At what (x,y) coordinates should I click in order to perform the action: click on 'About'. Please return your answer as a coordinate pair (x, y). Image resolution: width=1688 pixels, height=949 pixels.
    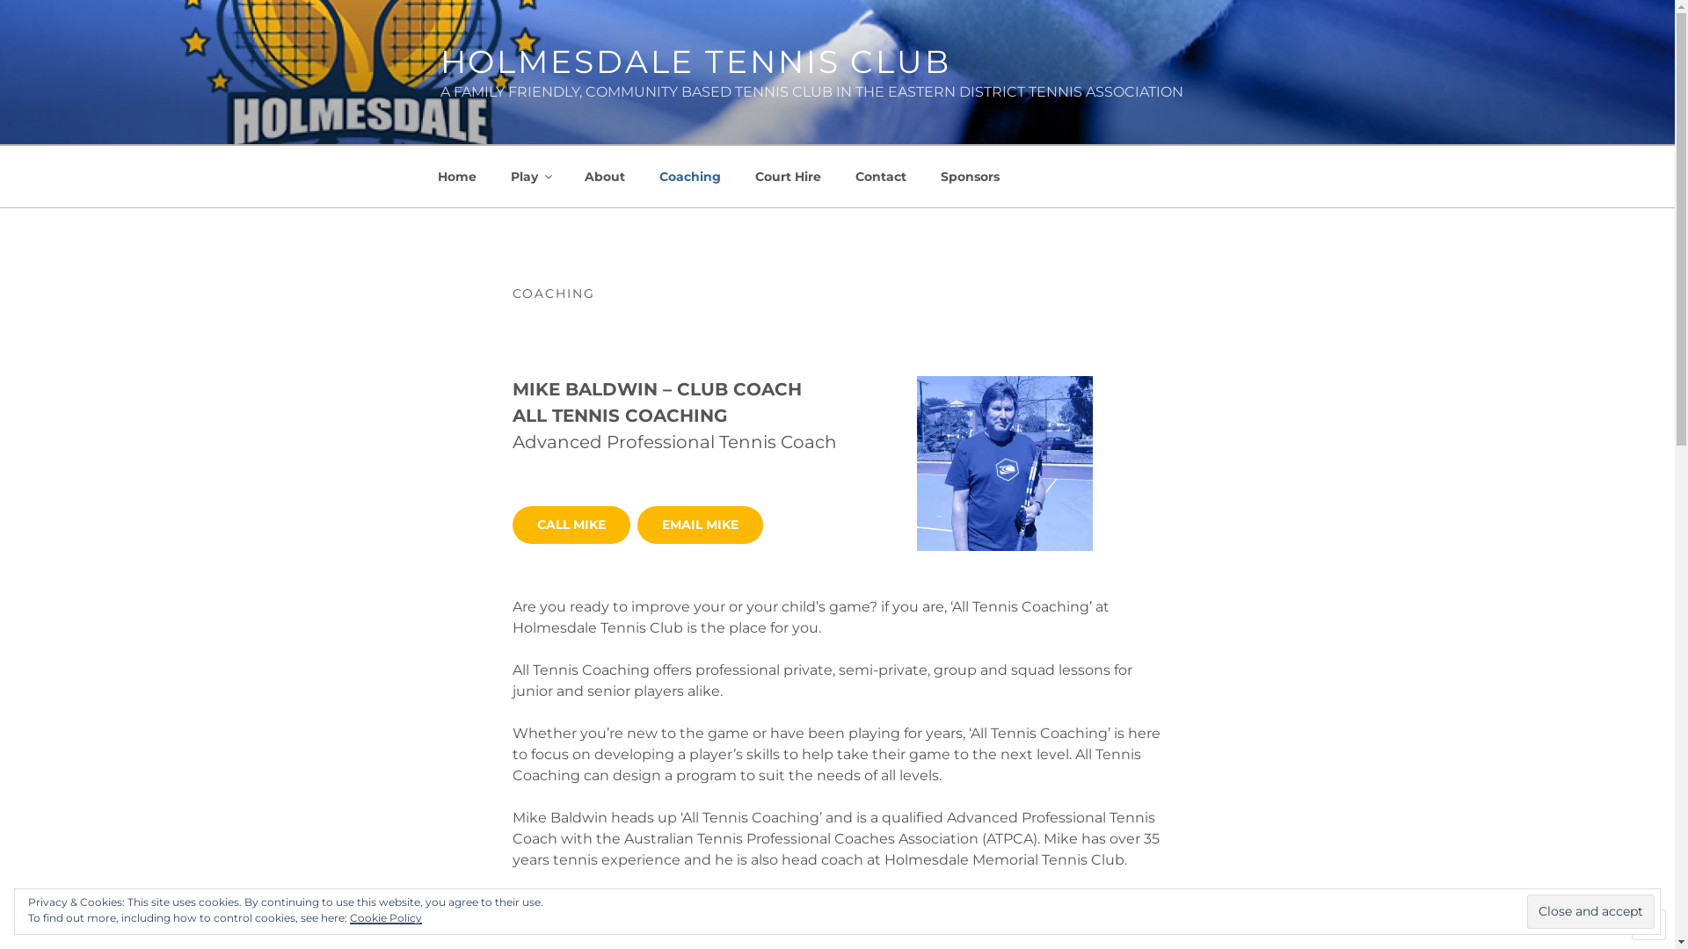
    Looking at the image, I should click on (605, 176).